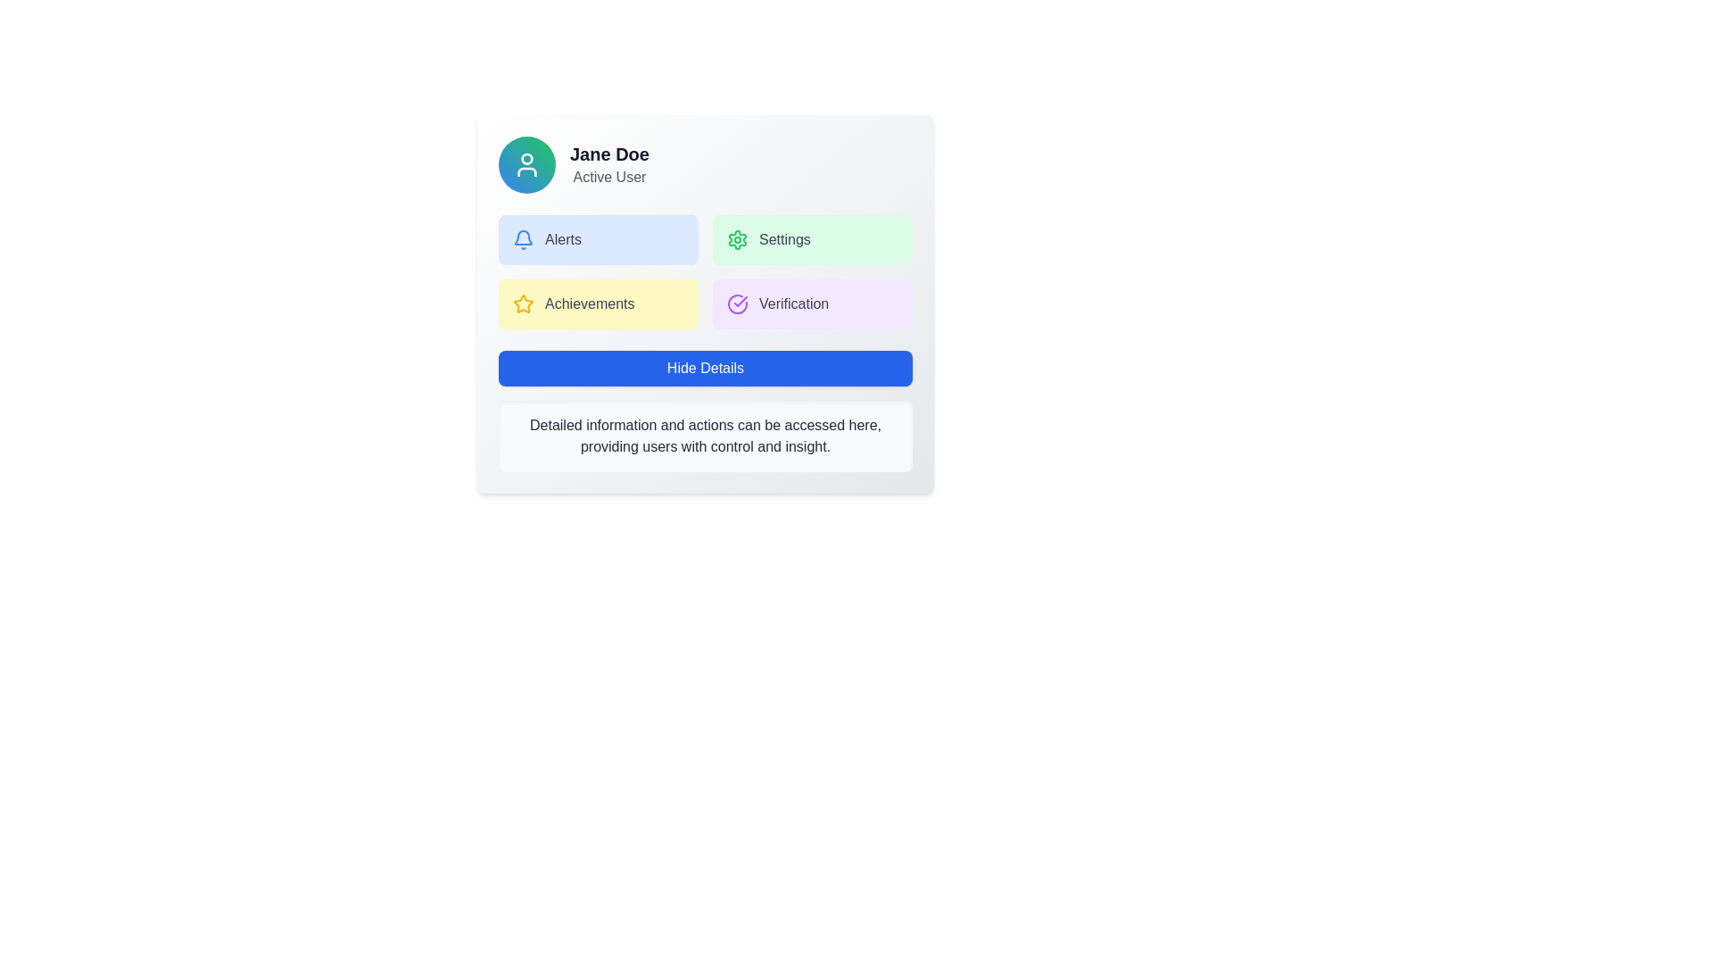  Describe the element at coordinates (609, 154) in the screenshot. I see `the text label displaying the user's name 'Jane Doe', which is positioned above the 'Active User' text in the user profile card layout` at that location.